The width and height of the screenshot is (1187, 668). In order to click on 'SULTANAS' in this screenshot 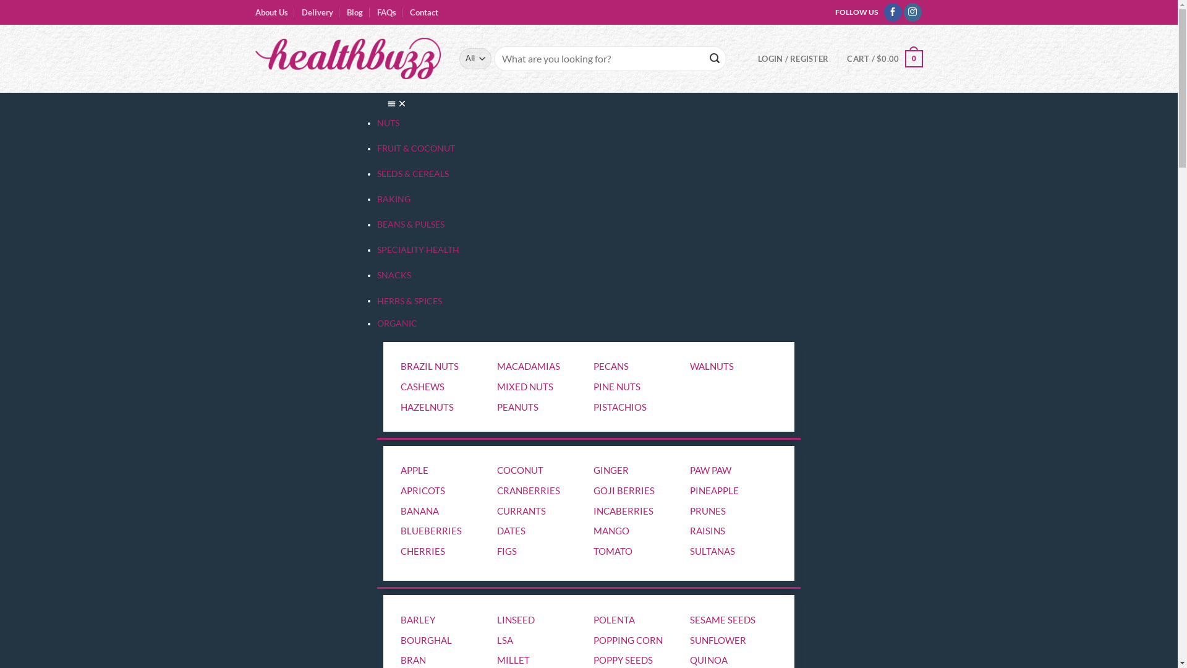, I will do `click(712, 550)`.